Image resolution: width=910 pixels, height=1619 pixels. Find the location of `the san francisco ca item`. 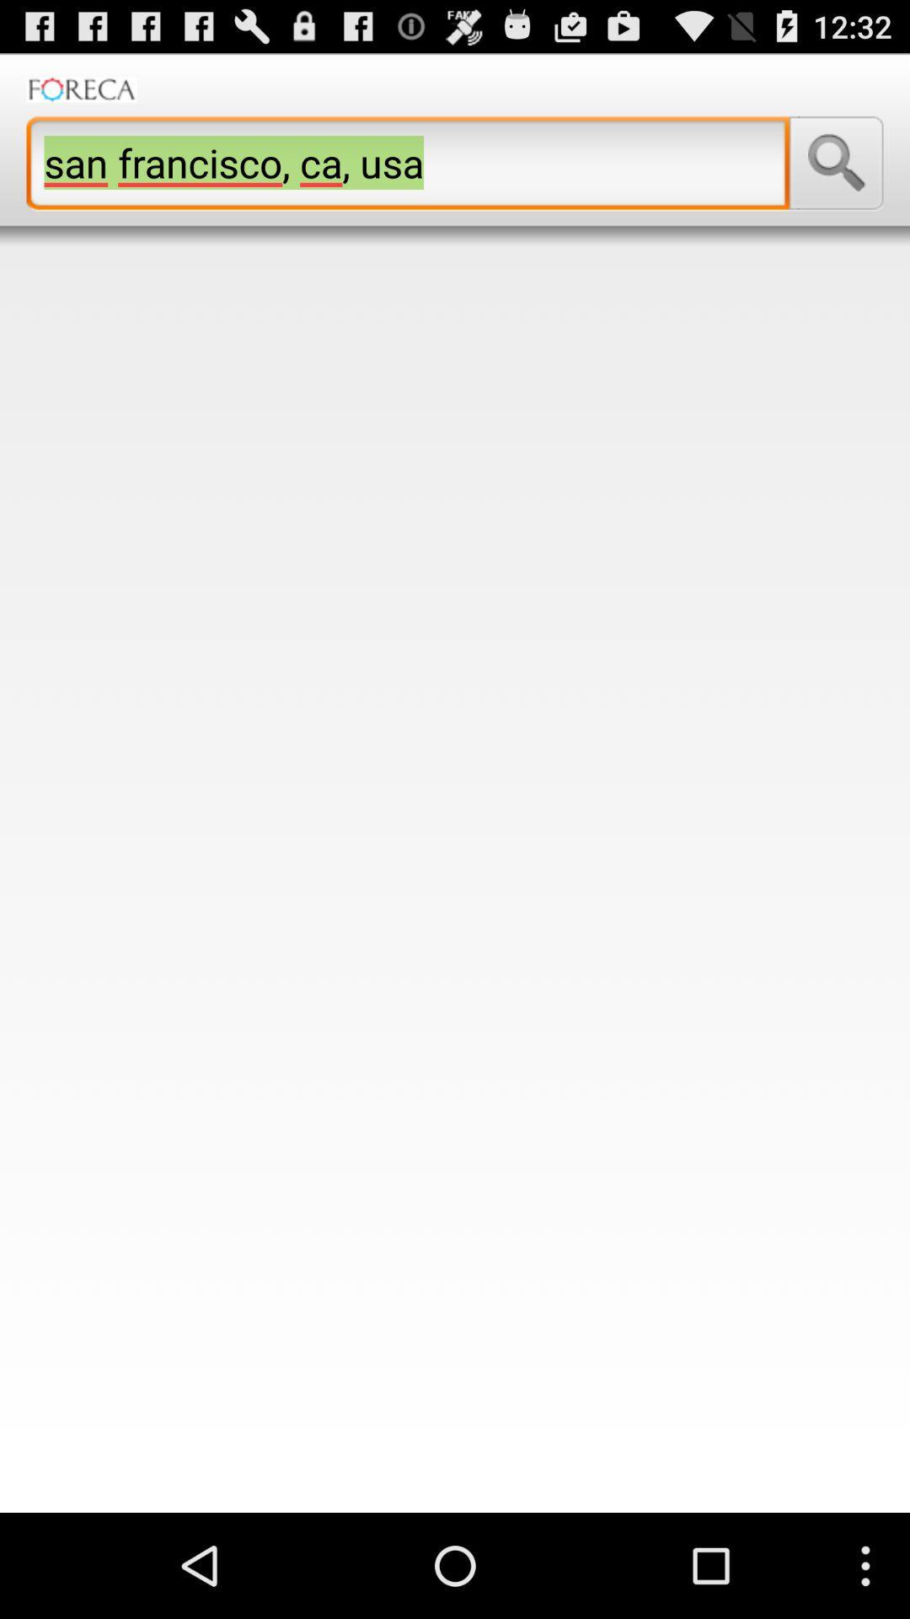

the san francisco ca item is located at coordinates (408, 163).